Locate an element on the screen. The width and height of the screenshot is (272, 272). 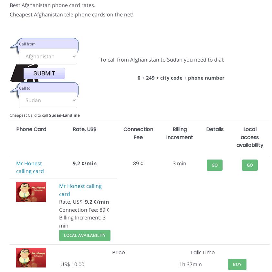
'0 + 249 + city code + phone number' is located at coordinates (180, 77).